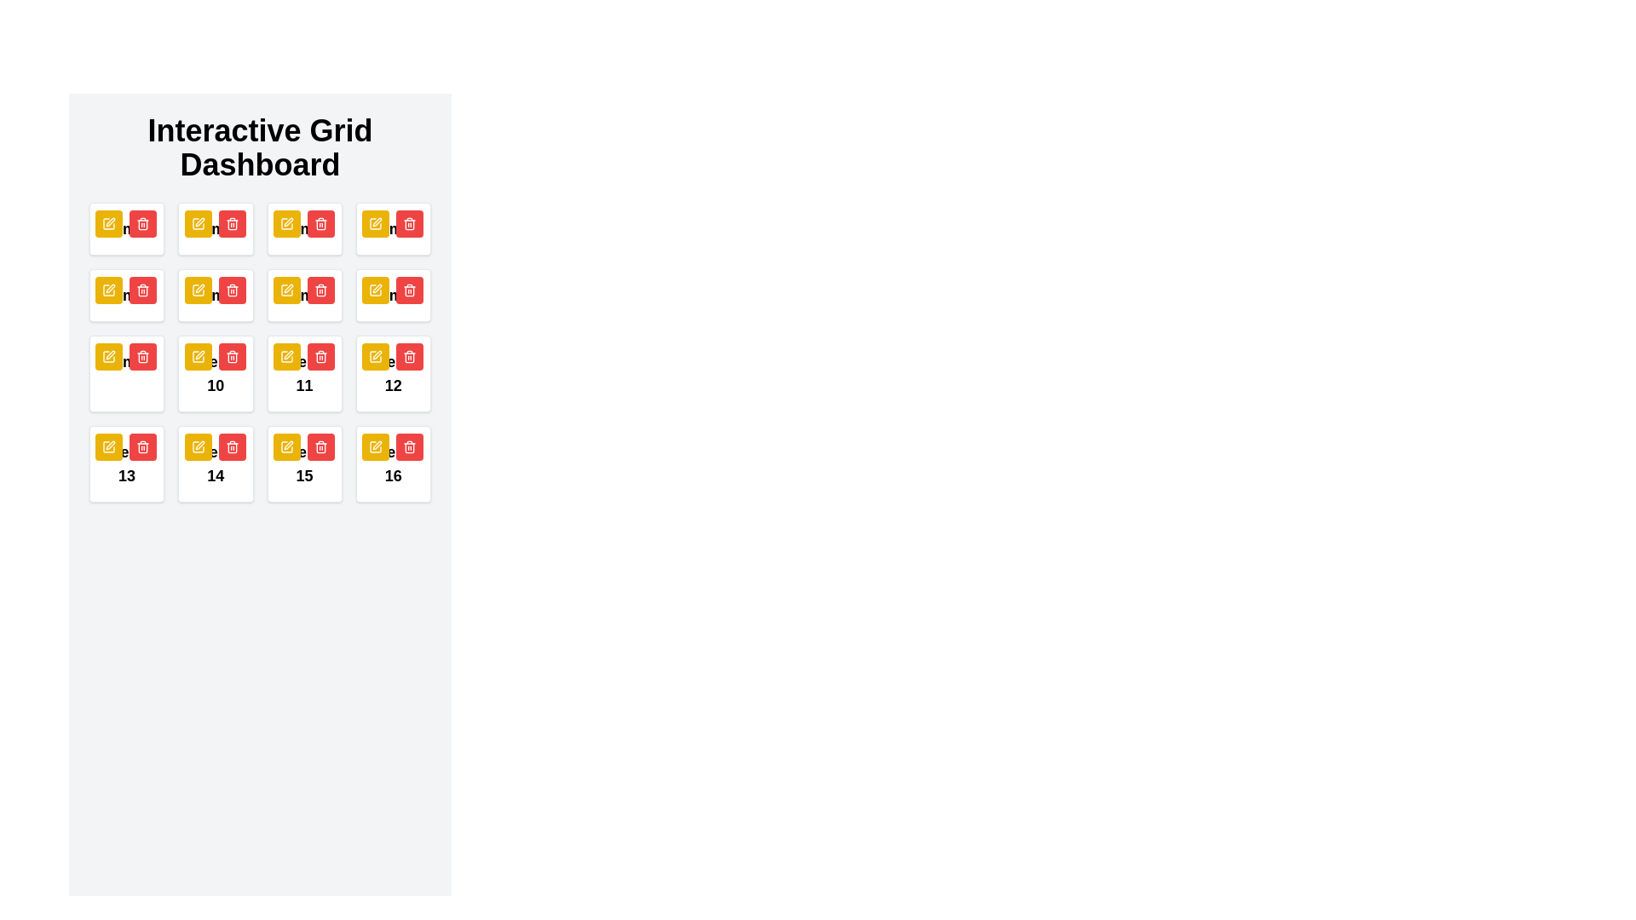 The width and height of the screenshot is (1636, 920). I want to click on the static text label 'Item 14', which is bold and black, located at the bottom of a white rectangular card with rounded corners in a grid layout, so click(215, 463).